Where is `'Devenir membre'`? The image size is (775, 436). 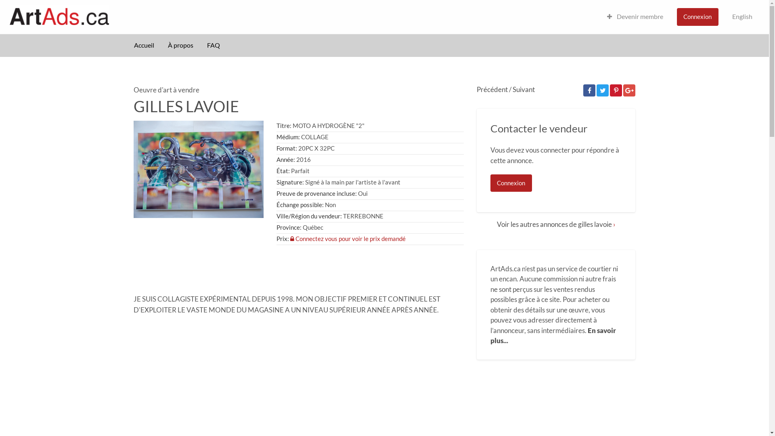
'Devenir membre' is located at coordinates (635, 17).